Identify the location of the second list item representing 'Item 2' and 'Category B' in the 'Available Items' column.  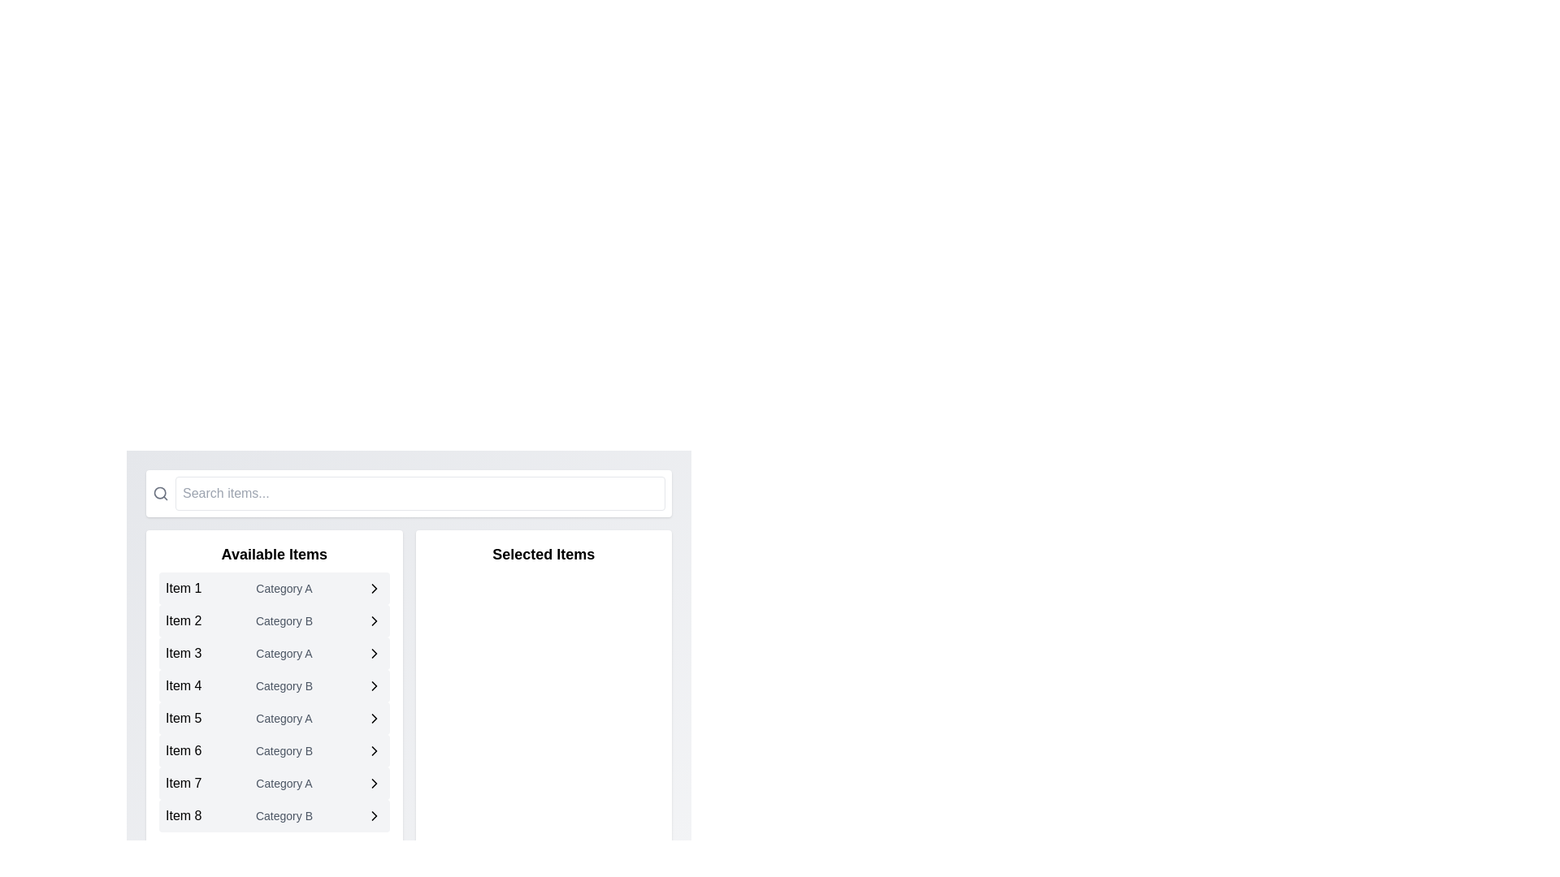
(274, 620).